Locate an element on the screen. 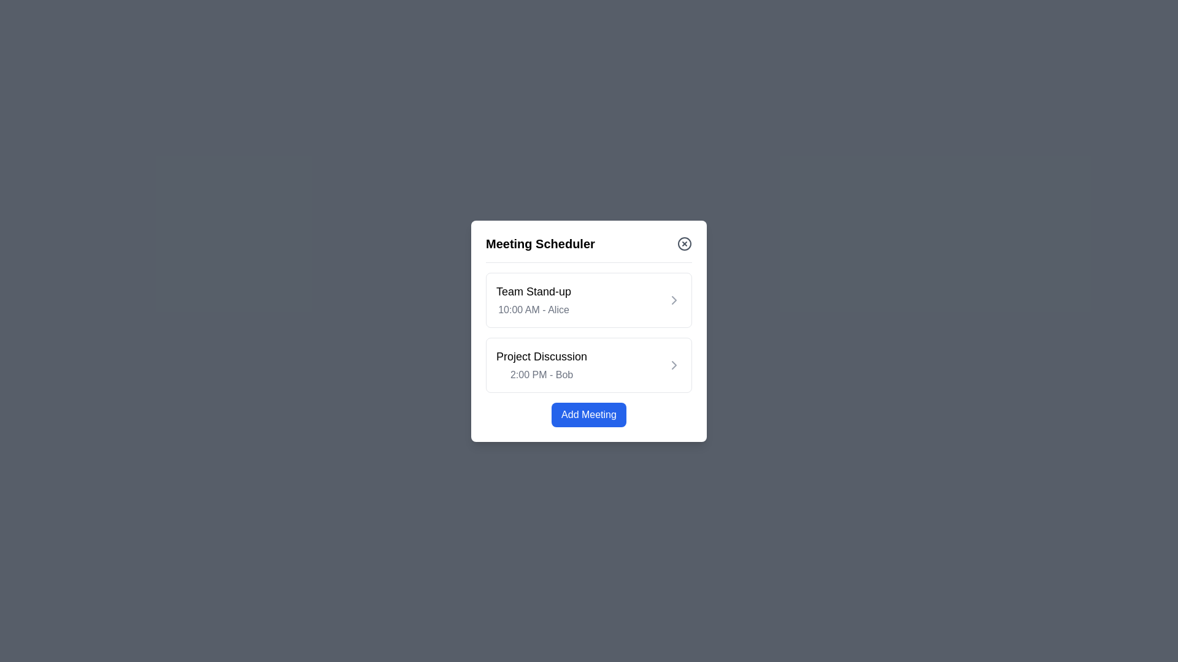 Image resolution: width=1178 pixels, height=662 pixels. the scheduled meeting item in the 'Meeting Scheduler' list, which is the second item directly below the 'Team Stand-up' item is located at coordinates (589, 364).